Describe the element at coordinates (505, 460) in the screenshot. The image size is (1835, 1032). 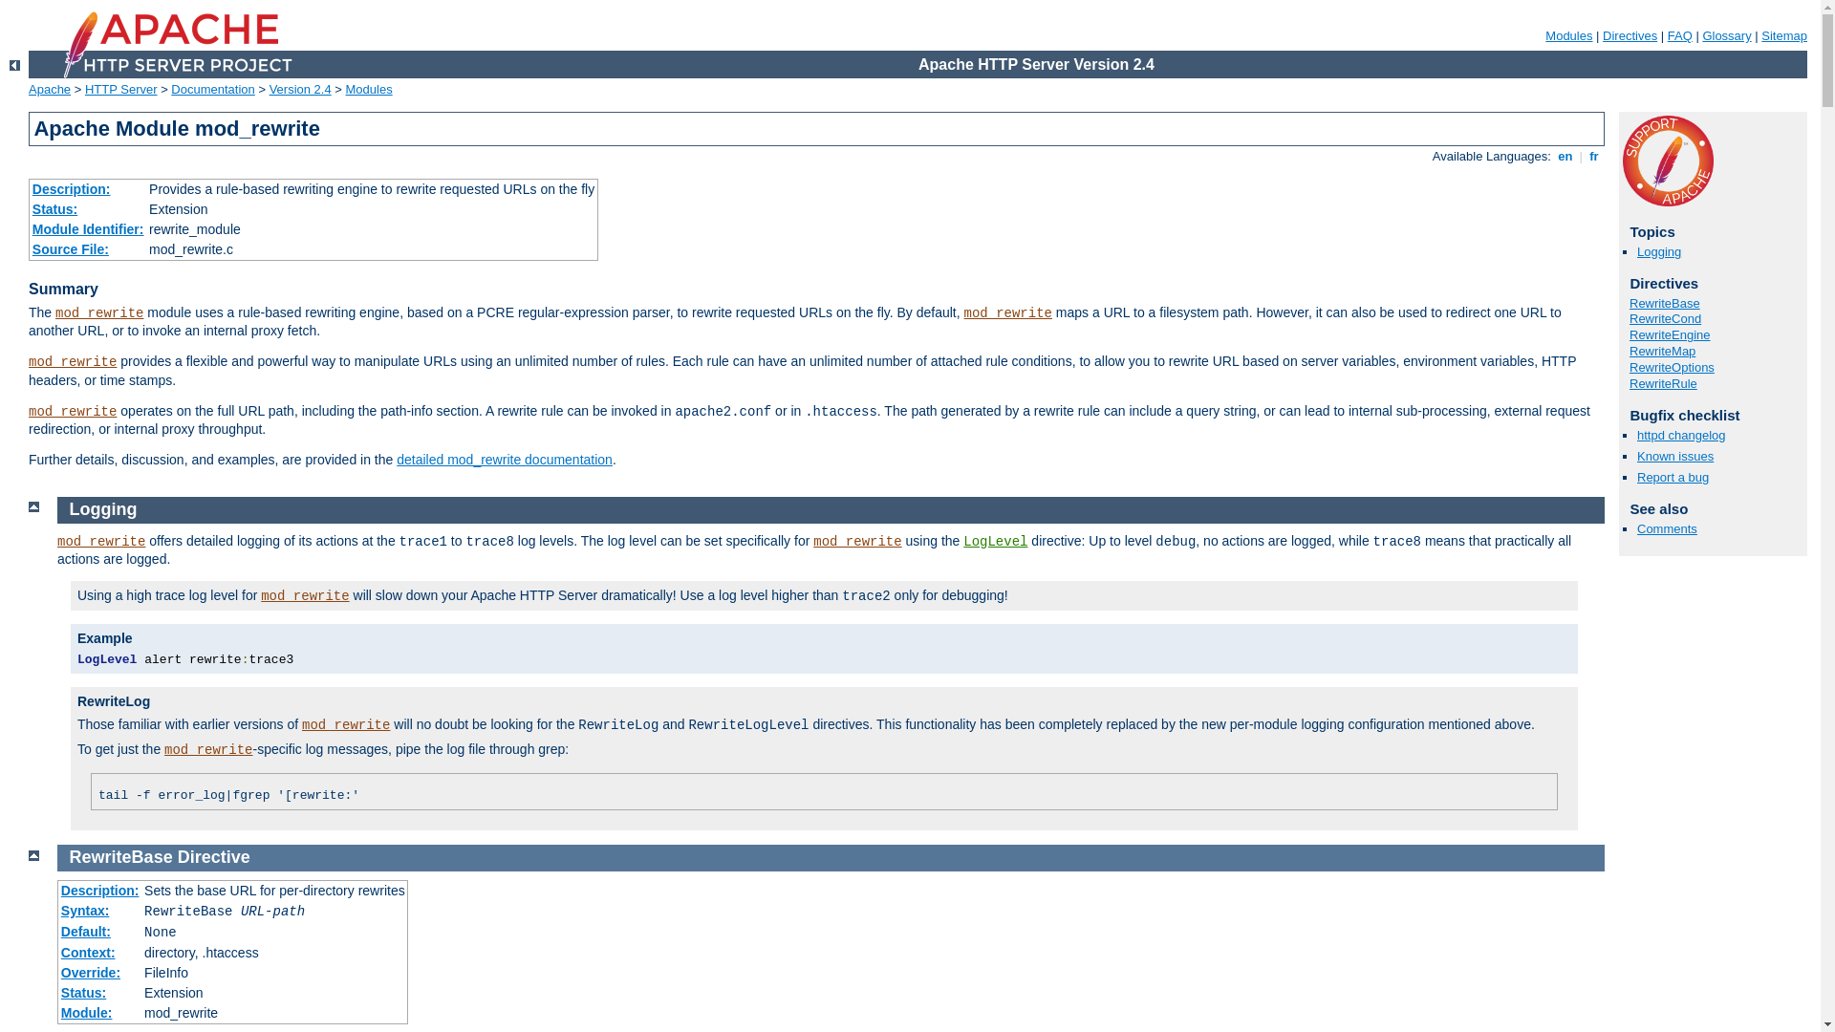
I see `'detailed mod_rewrite documentation'` at that location.